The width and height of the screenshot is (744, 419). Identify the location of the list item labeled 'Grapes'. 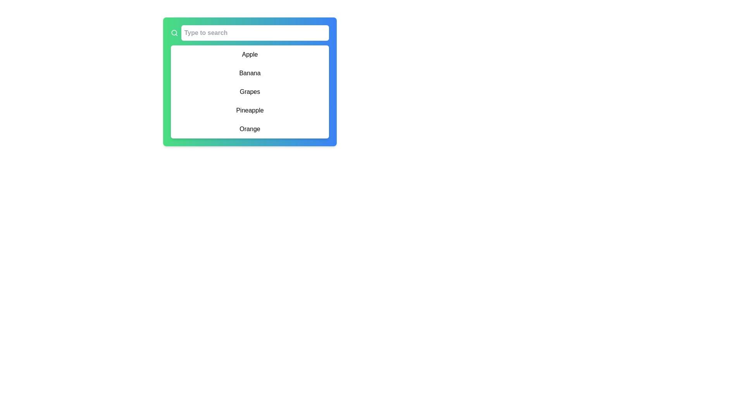
(250, 91).